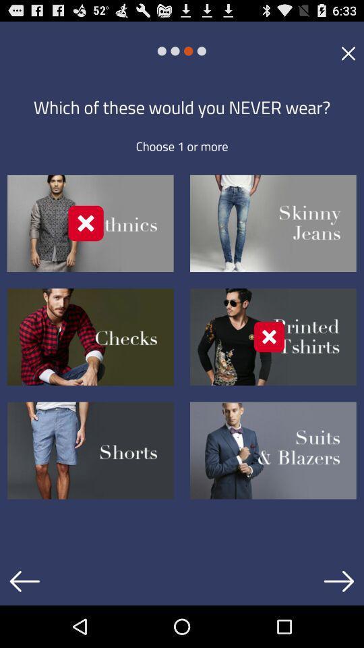  What do you see at coordinates (24, 580) in the screenshot?
I see `click back arrow icon` at bounding box center [24, 580].